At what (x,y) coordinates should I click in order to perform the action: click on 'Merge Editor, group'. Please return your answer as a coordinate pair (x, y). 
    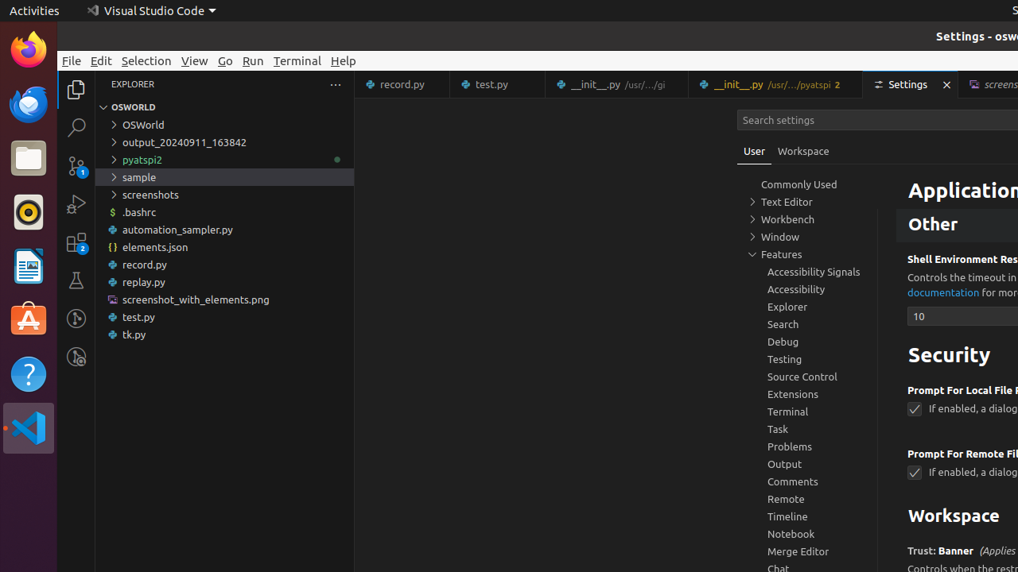
    Looking at the image, I should click on (807, 551).